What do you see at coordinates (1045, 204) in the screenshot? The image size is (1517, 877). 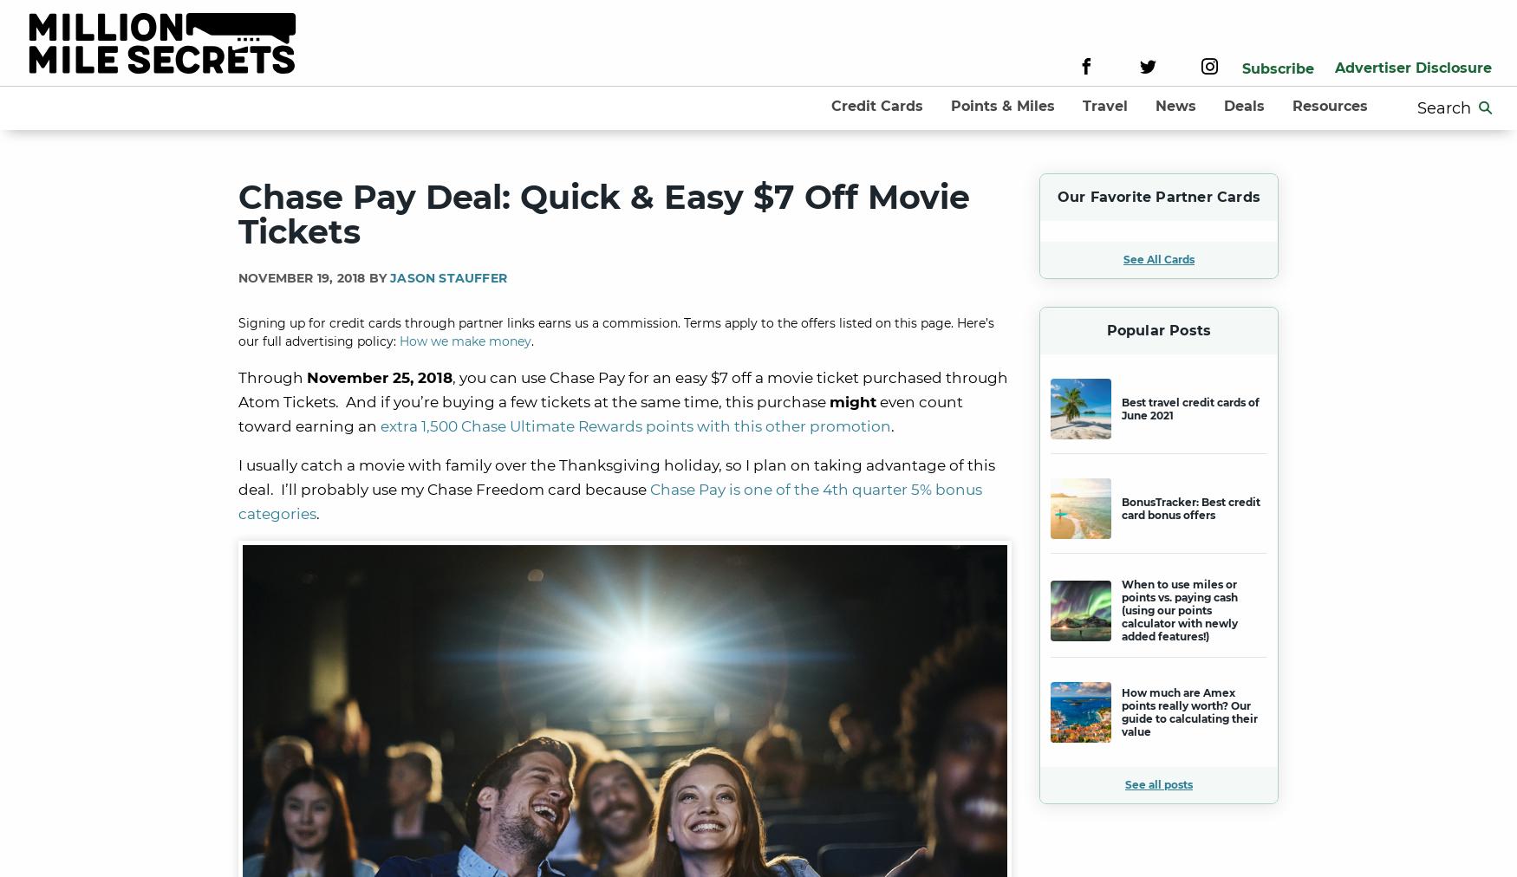 I see `'Hotels'` at bounding box center [1045, 204].